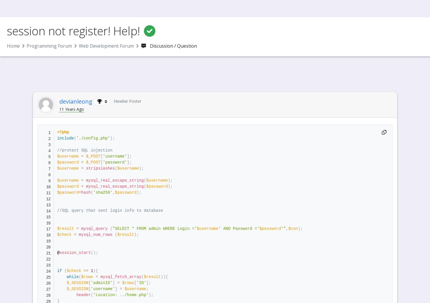  What do you see at coordinates (338, 226) in the screenshot?
I see `'Session Login'` at bounding box center [338, 226].